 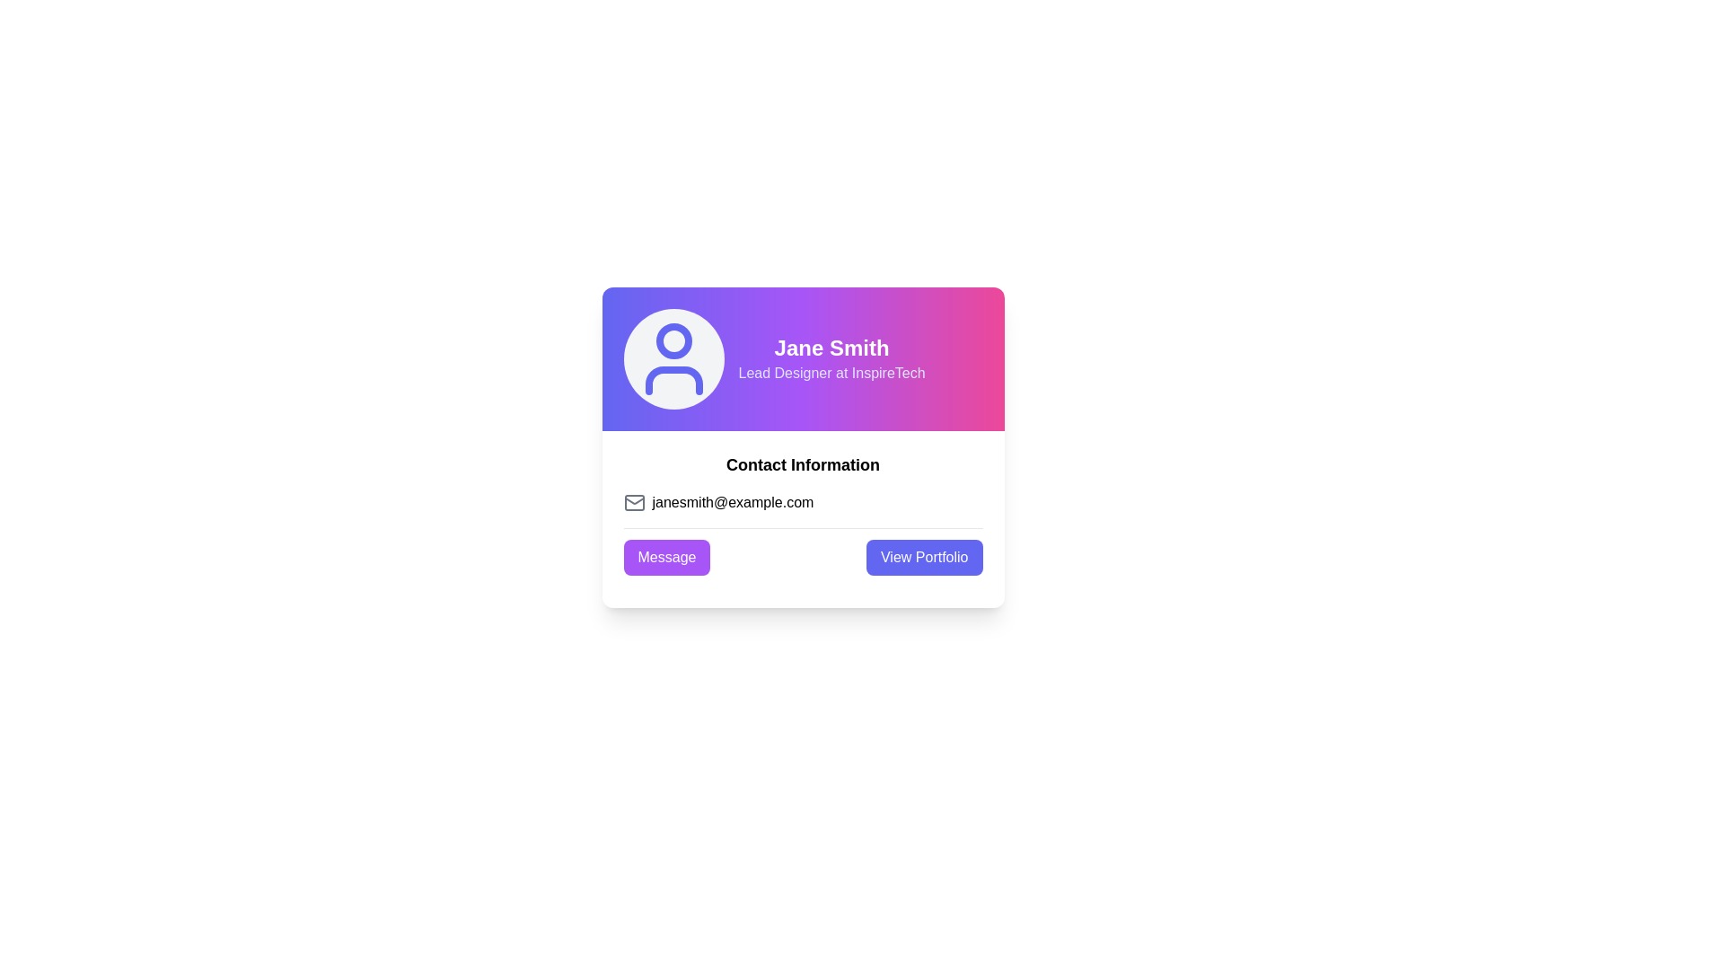 I want to click on the text block displaying the user's name and title, located at the upper center of the card layout, right of the user icon, so click(x=831, y=359).